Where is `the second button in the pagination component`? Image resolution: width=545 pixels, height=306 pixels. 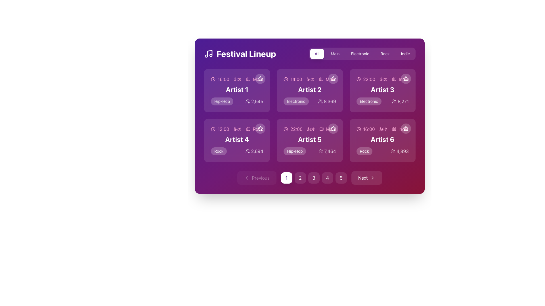
the second button in the pagination component is located at coordinates (300, 178).